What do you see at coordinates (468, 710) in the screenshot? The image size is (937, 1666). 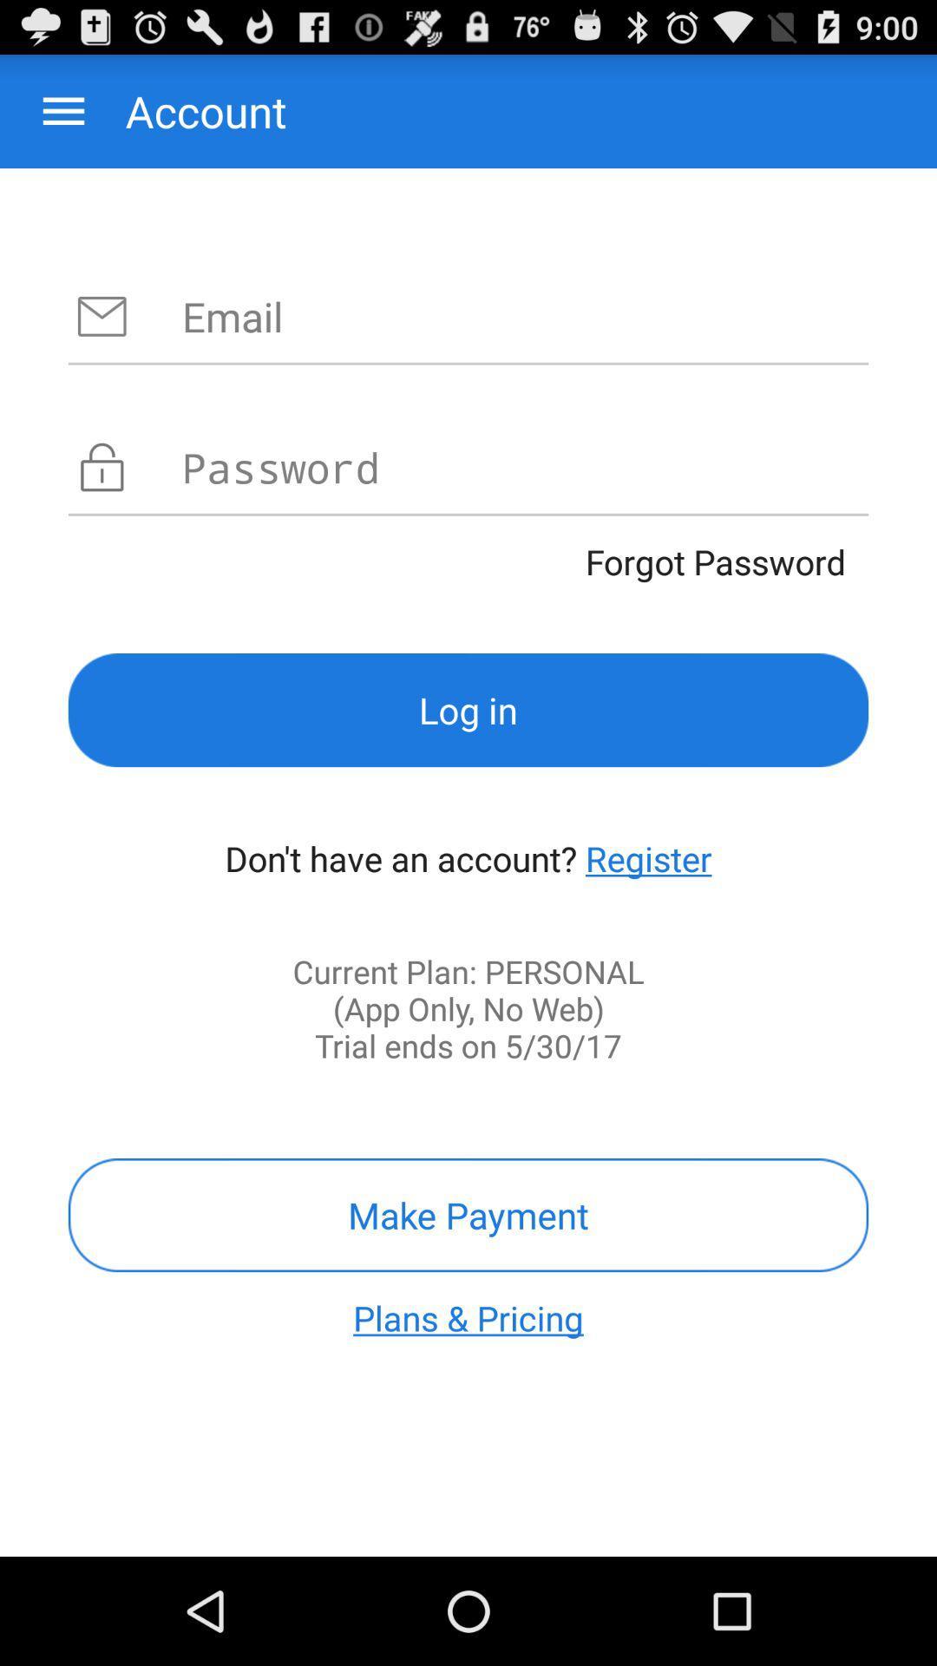 I see `item below the forgot password app` at bounding box center [468, 710].